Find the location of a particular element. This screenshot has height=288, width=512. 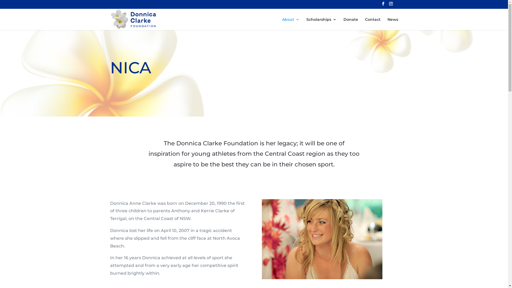

'Contact' is located at coordinates (372, 23).